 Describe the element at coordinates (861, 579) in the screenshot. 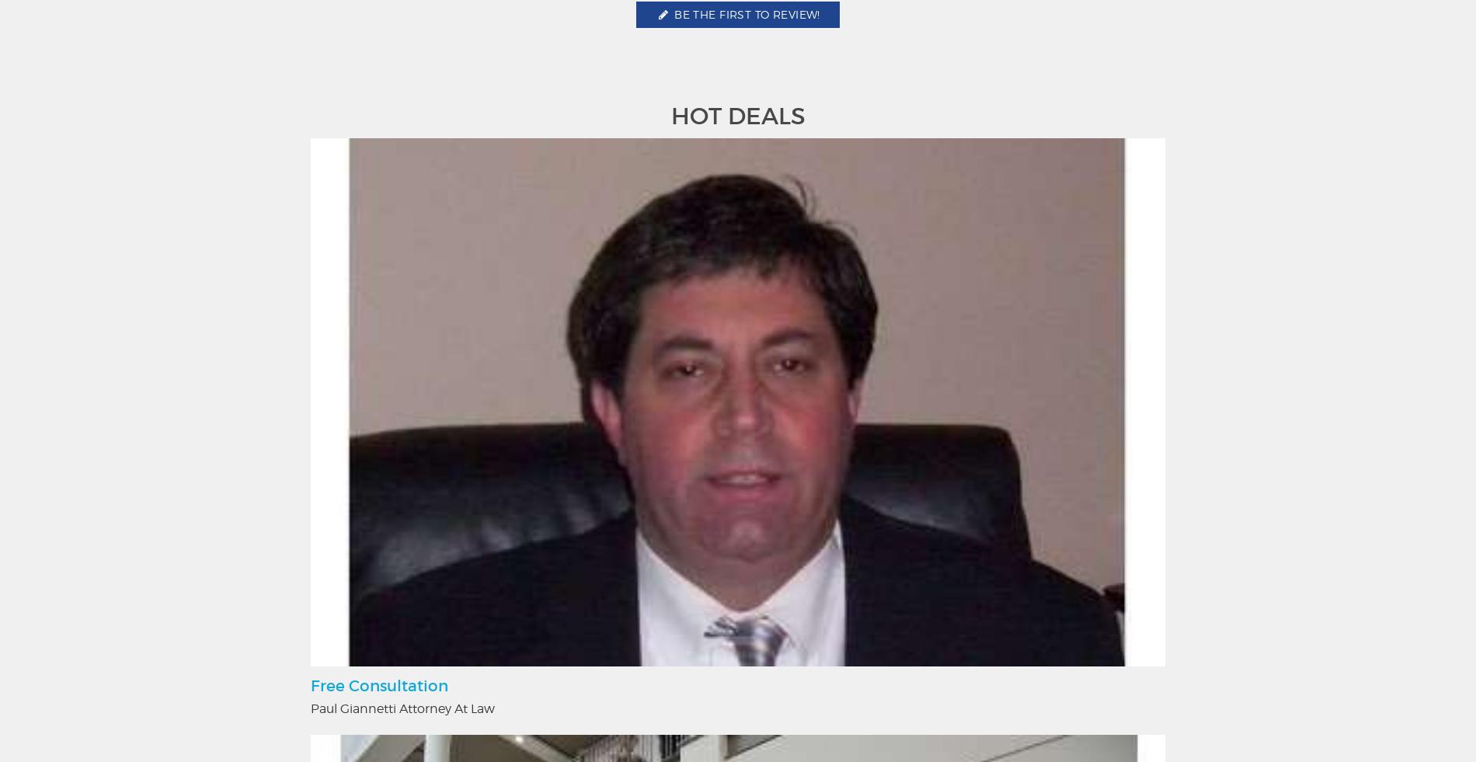

I see `'Businesses'` at that location.